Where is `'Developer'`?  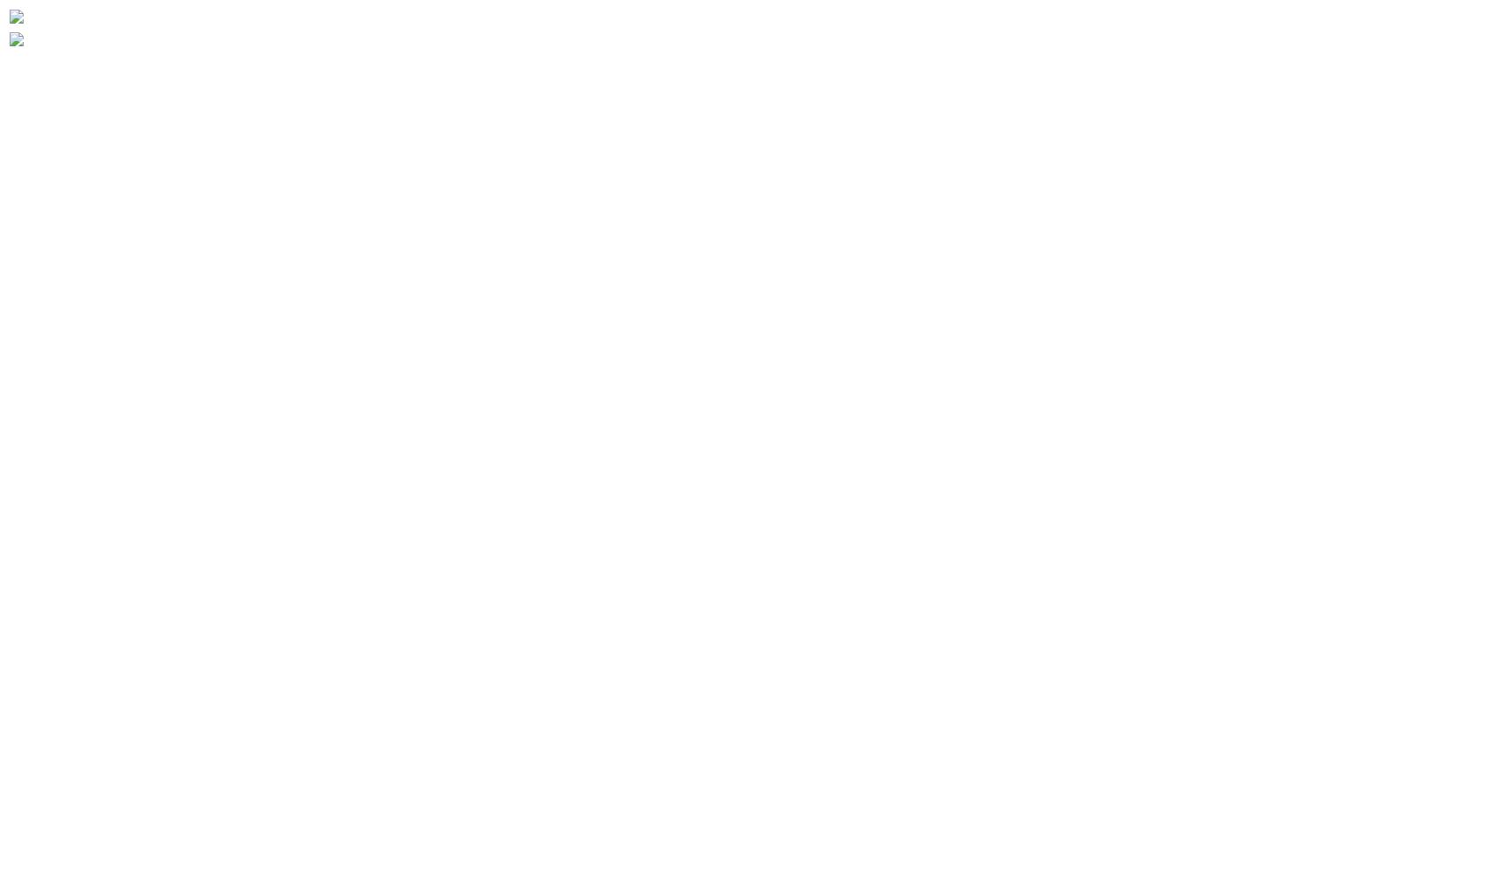
'Developer' is located at coordinates (38, 615).